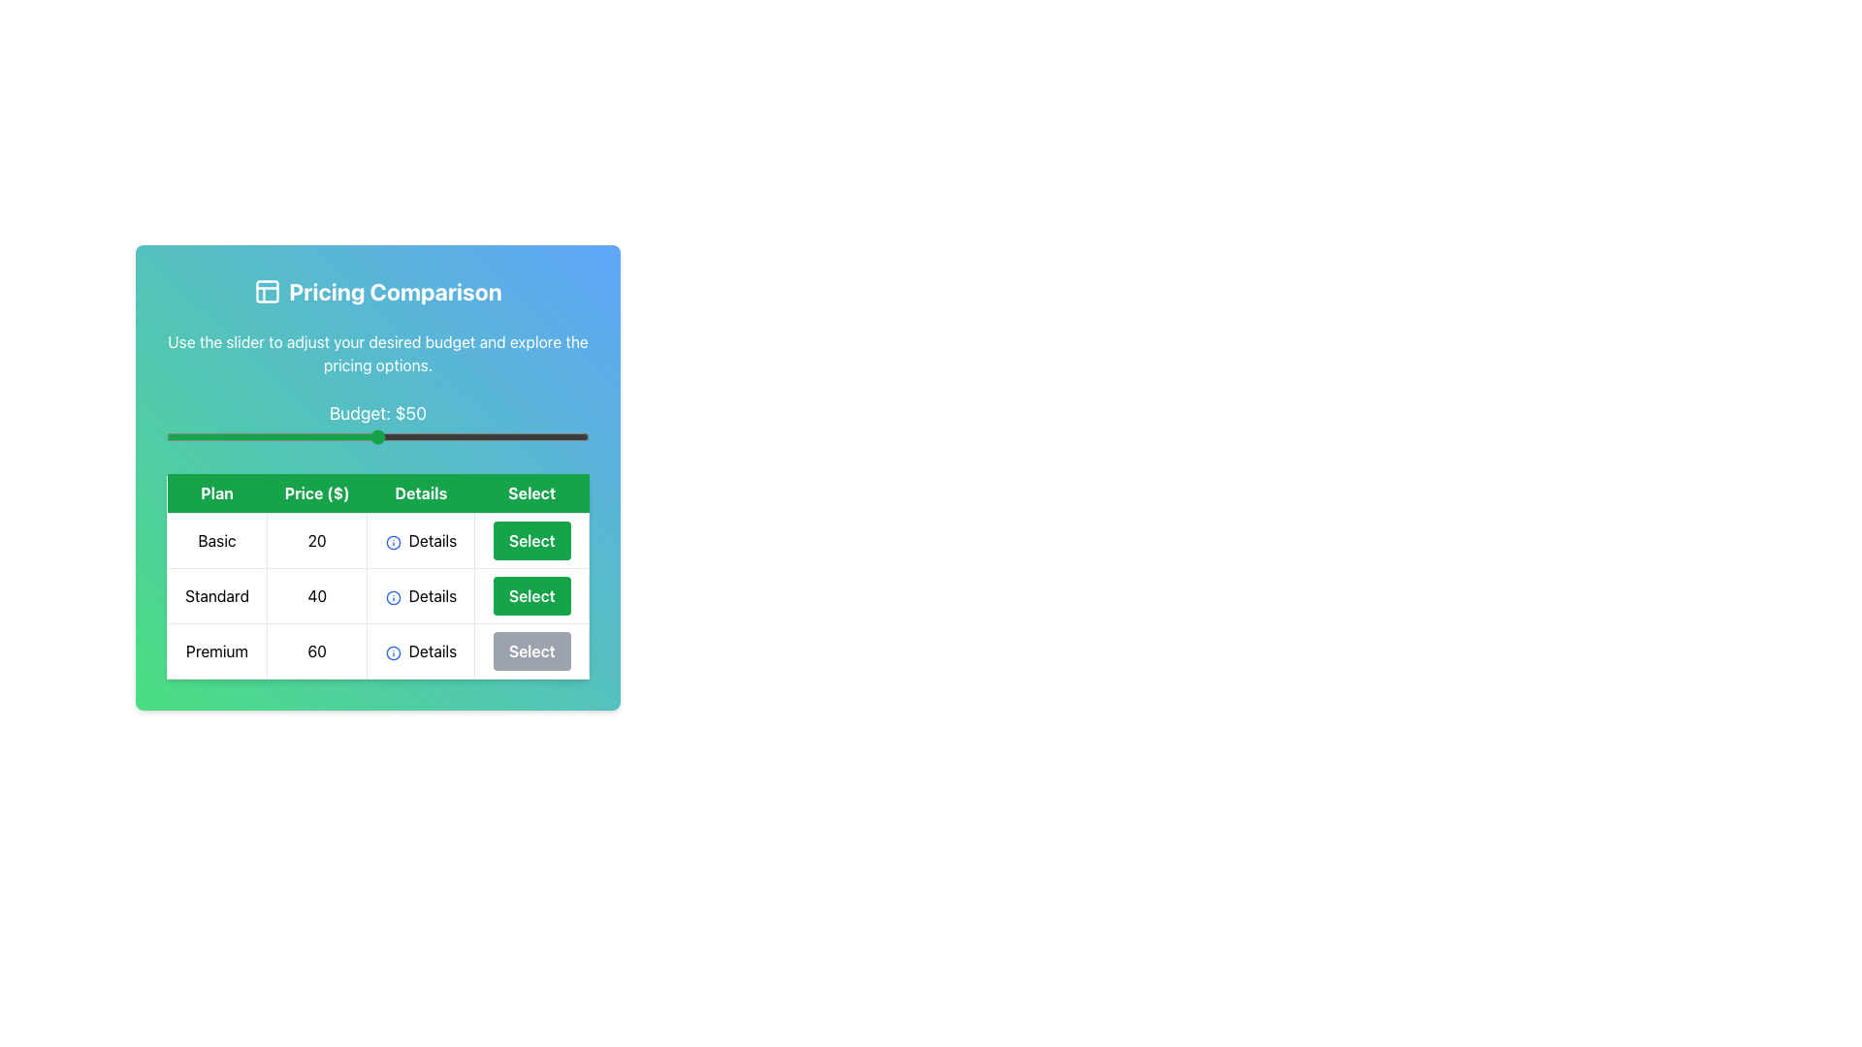  Describe the element at coordinates (392, 596) in the screenshot. I see `the blue circular icon with an outlined 'i' symbol located in the middle column of the second row labeled 'Standard' in the pricing comparison table, positioned to the left of the 'Details' text` at that location.